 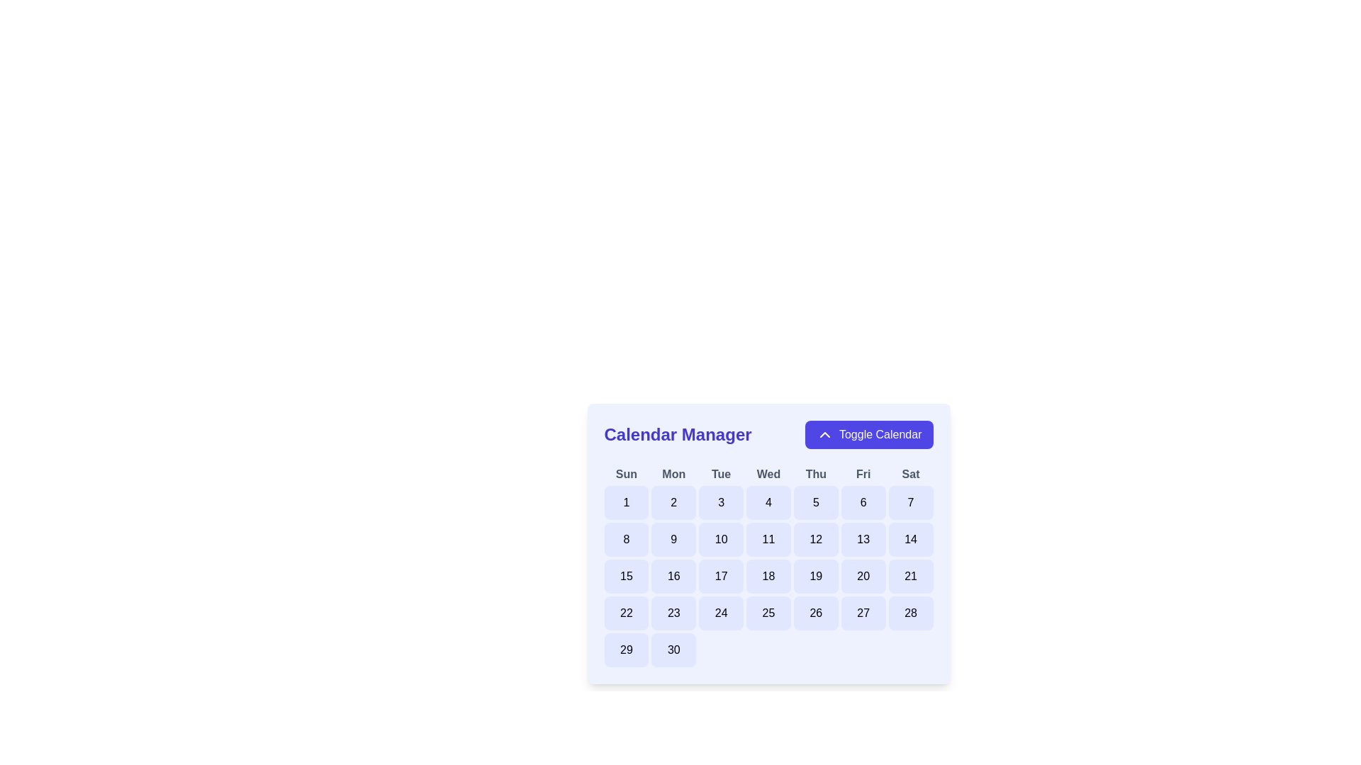 What do you see at coordinates (816, 540) in the screenshot?
I see `the button representing the date '12'` at bounding box center [816, 540].